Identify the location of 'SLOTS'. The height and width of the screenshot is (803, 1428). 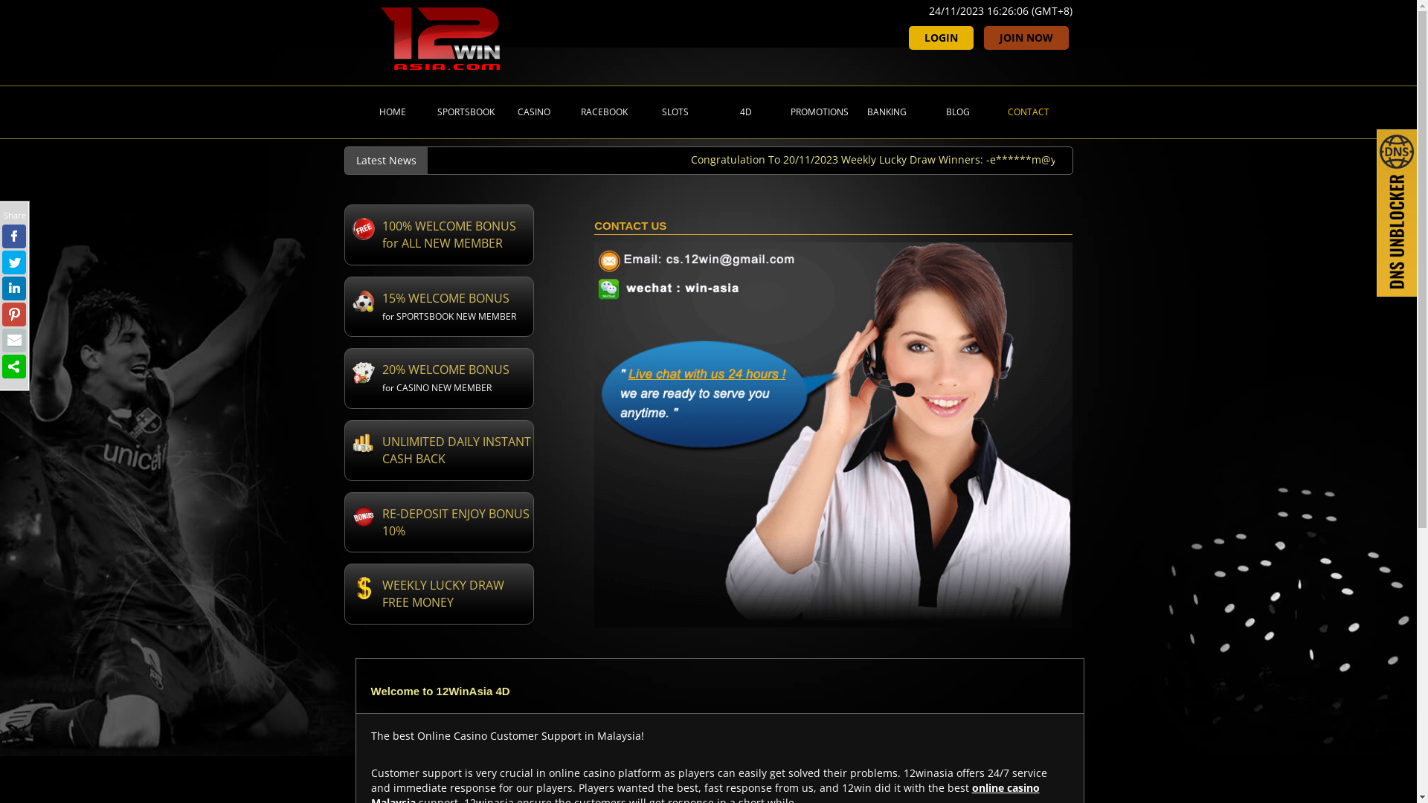
(672, 111).